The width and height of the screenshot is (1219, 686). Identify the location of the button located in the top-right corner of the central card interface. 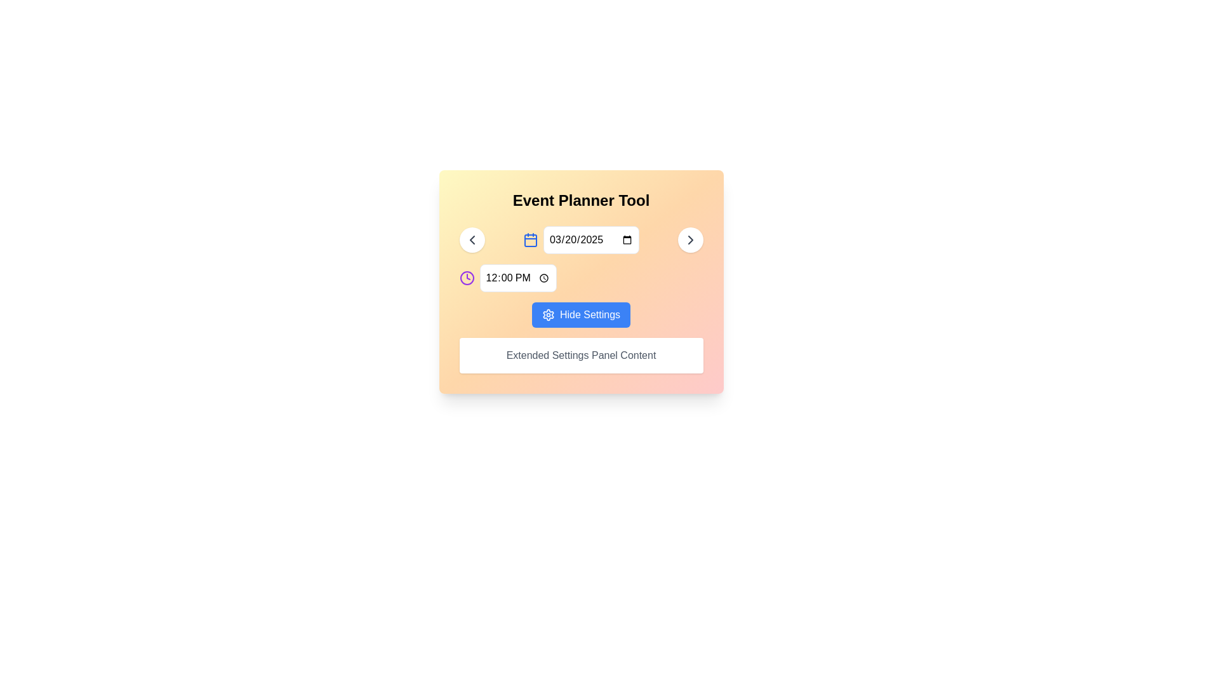
(689, 240).